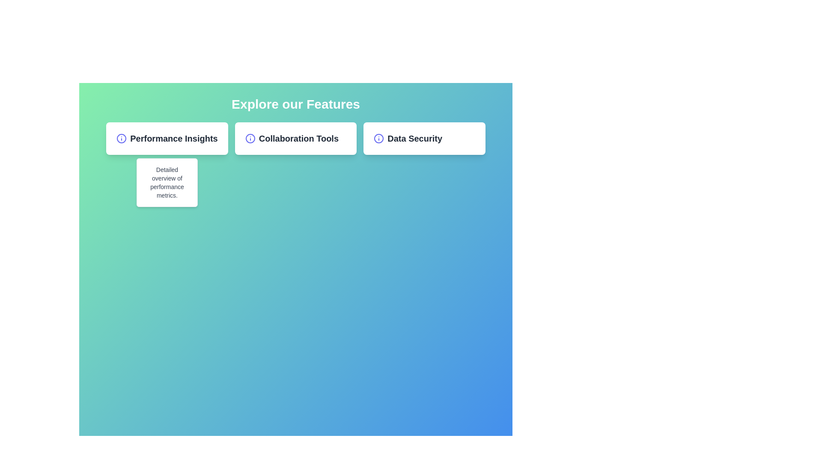  What do you see at coordinates (167, 182) in the screenshot?
I see `text from the informative pop-up or tooltip box located directly beneath the 'Performance Insights' feature, providing additional information about it` at bounding box center [167, 182].